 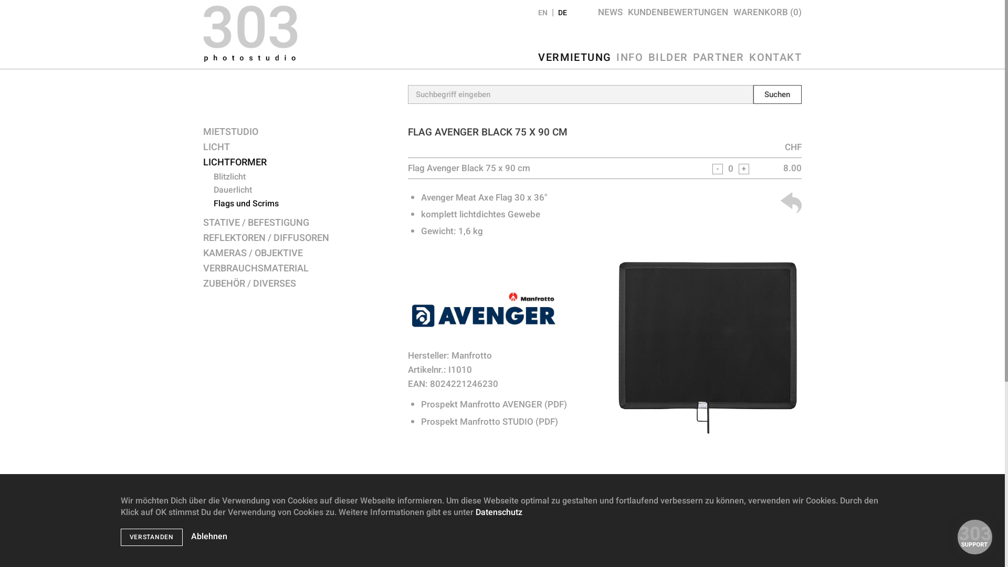 What do you see at coordinates (678, 12) in the screenshot?
I see `'KUNDENBEWERTUNGEN'` at bounding box center [678, 12].